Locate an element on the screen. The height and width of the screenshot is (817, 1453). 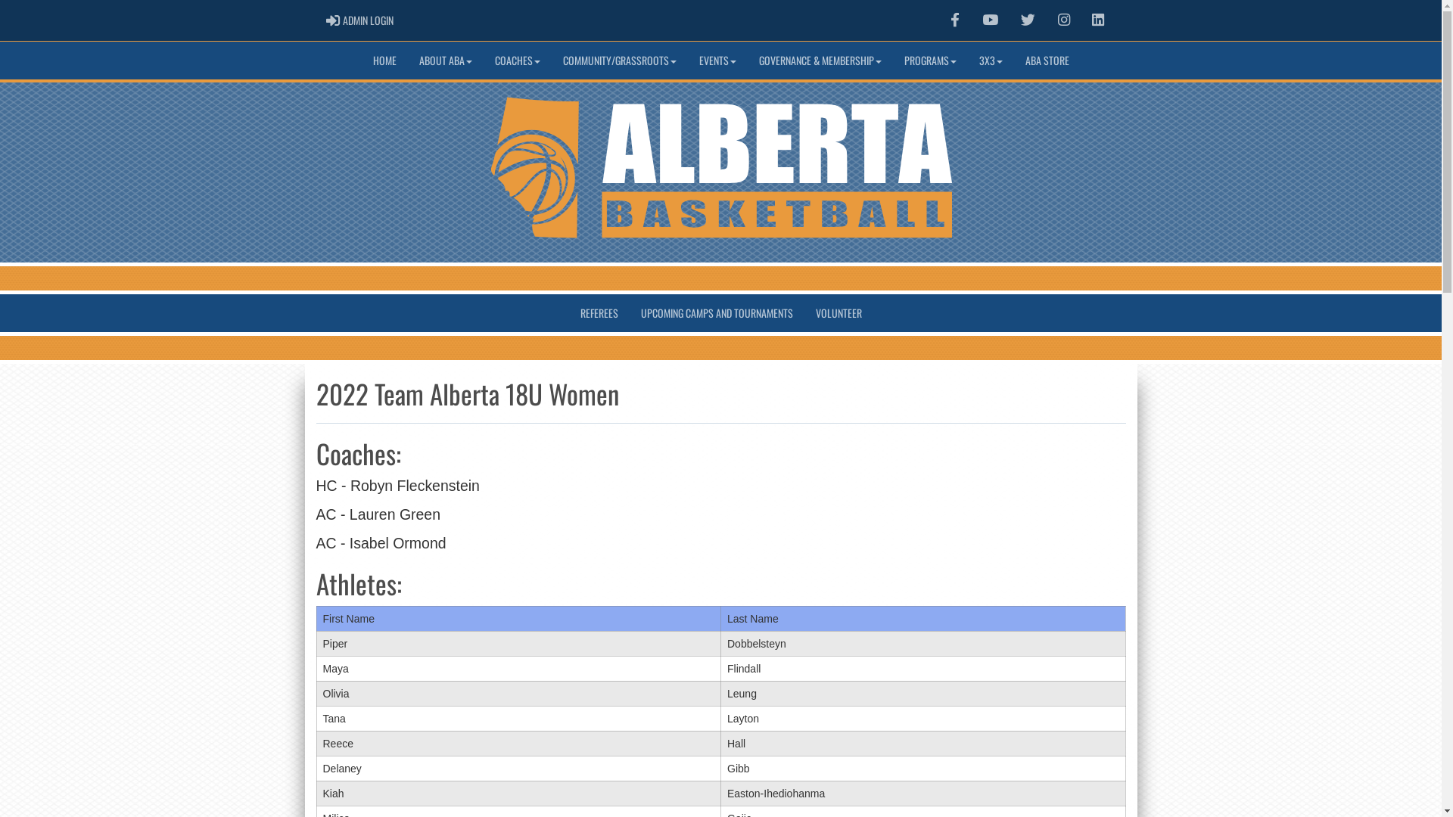
'EVENTS' is located at coordinates (716, 60).